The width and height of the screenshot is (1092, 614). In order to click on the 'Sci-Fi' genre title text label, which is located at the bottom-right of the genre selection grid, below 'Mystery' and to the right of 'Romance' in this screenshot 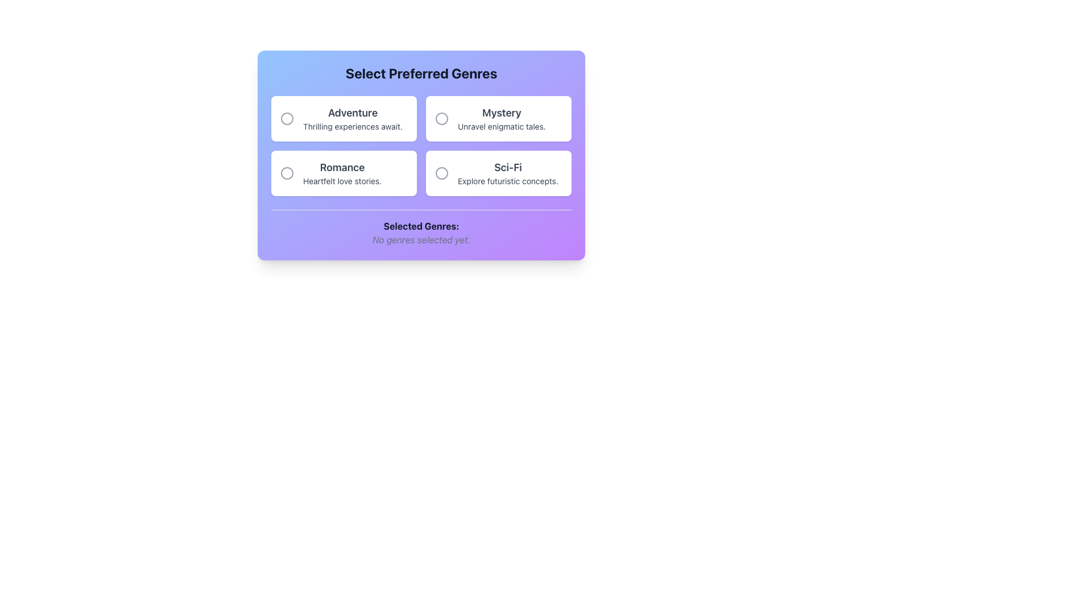, I will do `click(507, 167)`.